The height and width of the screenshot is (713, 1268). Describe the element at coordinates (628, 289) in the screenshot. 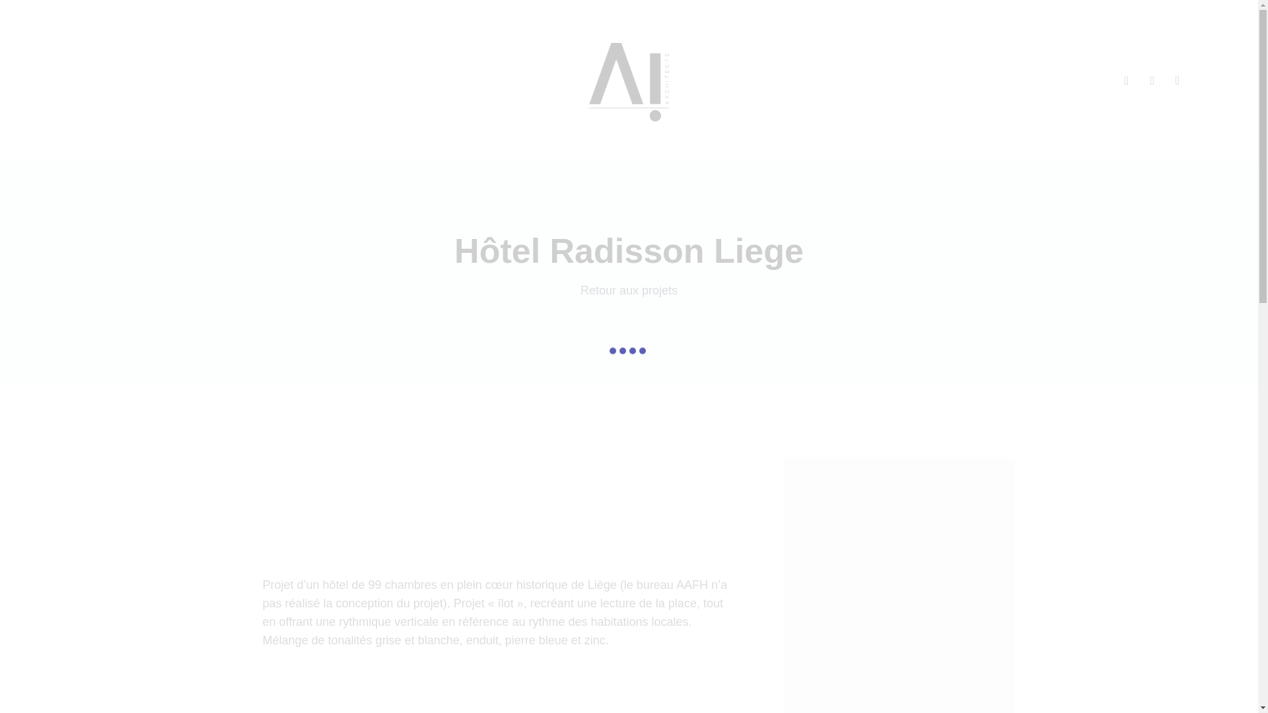

I see `'Retour aux projets'` at that location.